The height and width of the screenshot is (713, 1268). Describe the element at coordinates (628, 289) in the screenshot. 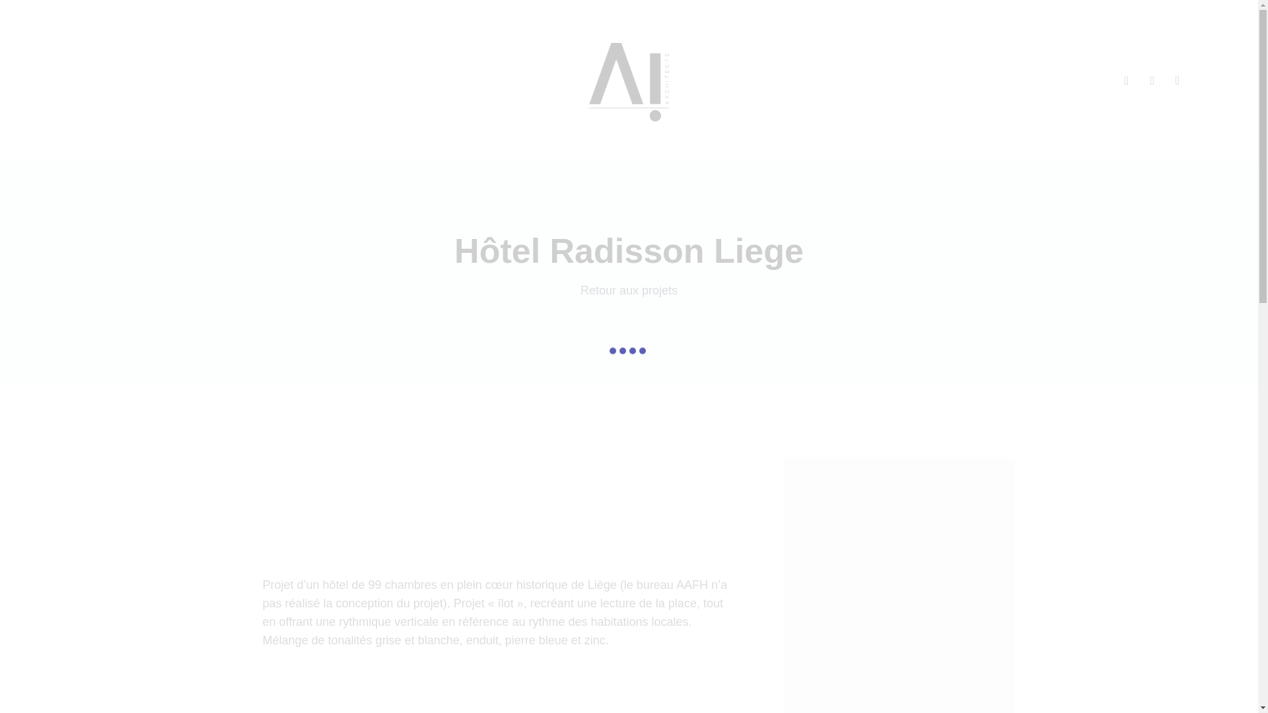

I see `'Retour aux projets'` at that location.